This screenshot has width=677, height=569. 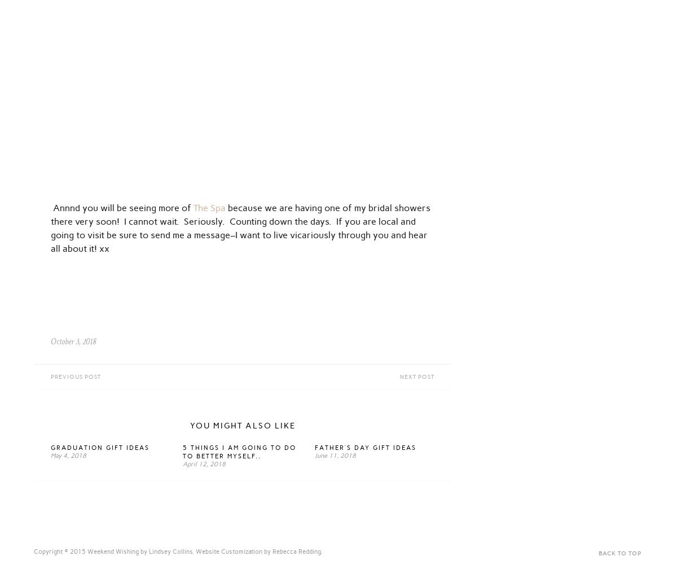 I want to click on 'October 3, 2018', so click(x=51, y=341).